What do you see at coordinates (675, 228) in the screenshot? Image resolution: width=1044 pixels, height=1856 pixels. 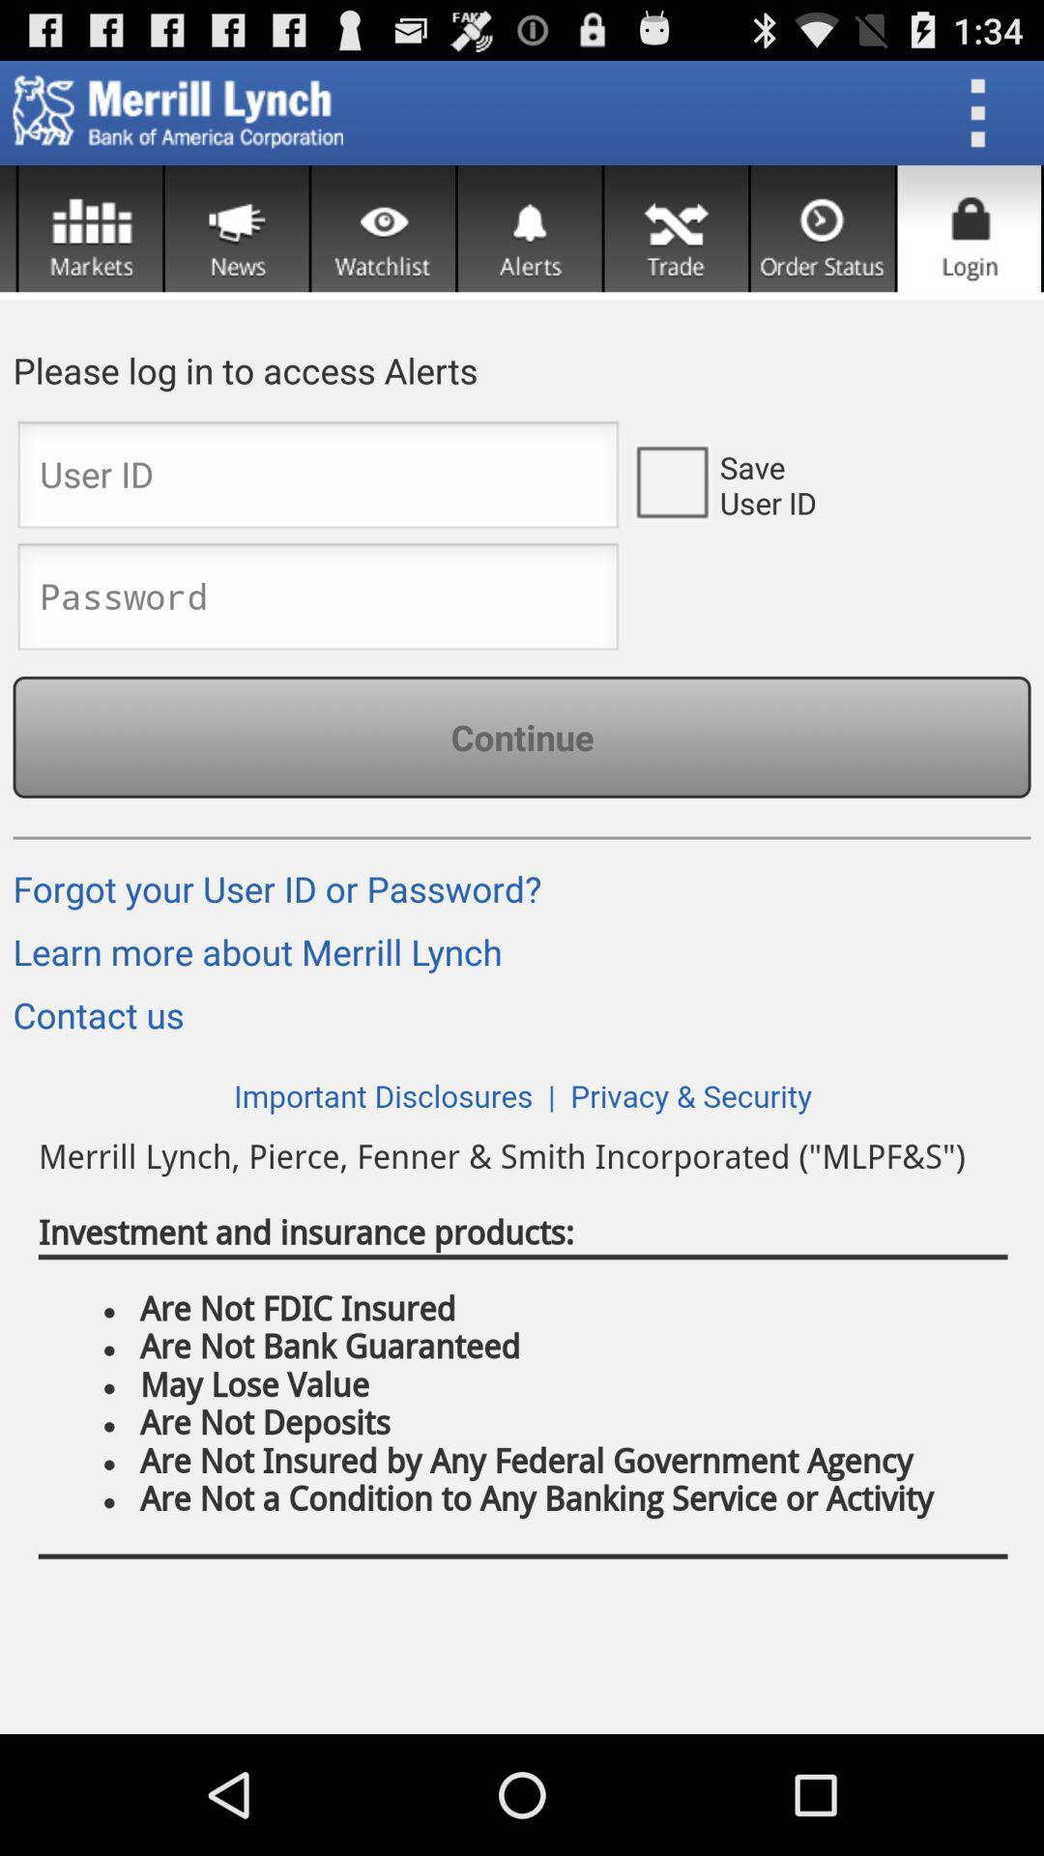 I see `begin trading` at bounding box center [675, 228].